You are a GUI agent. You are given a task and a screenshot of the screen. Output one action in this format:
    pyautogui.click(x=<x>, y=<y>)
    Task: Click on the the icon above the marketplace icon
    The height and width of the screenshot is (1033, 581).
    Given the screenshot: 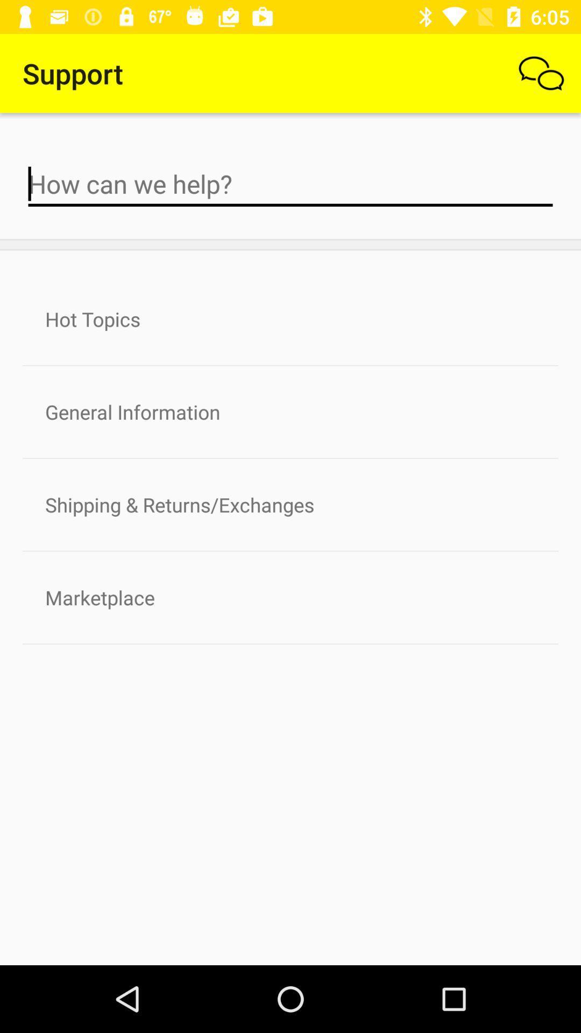 What is the action you would take?
    pyautogui.click(x=290, y=504)
    